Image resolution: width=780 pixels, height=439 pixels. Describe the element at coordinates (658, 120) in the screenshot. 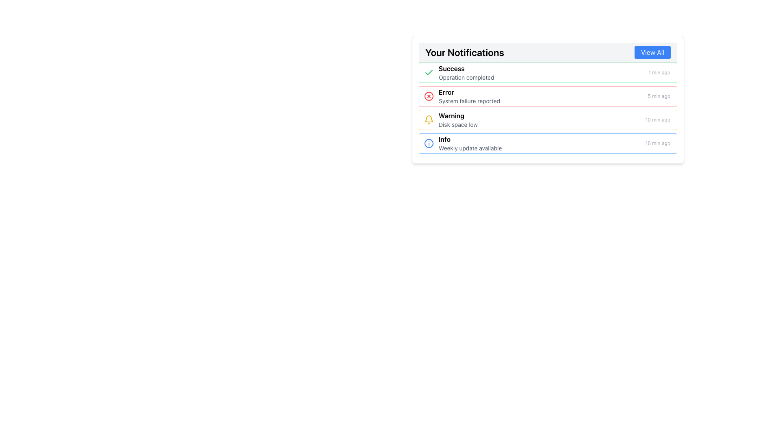

I see `the text label reading '10 min ago' located in the bottom-right area of the notification entry labeled 'Warning: Disk space low.'` at that location.